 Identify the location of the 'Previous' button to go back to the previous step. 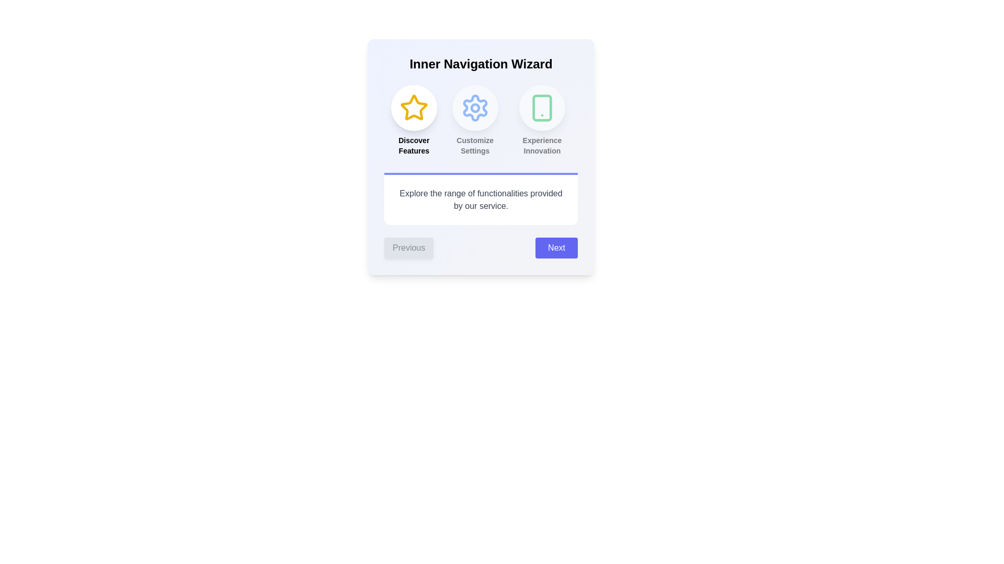
(408, 248).